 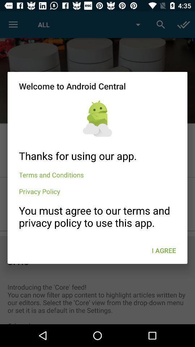 What do you see at coordinates (164, 250) in the screenshot?
I see `item below the you must agree` at bounding box center [164, 250].